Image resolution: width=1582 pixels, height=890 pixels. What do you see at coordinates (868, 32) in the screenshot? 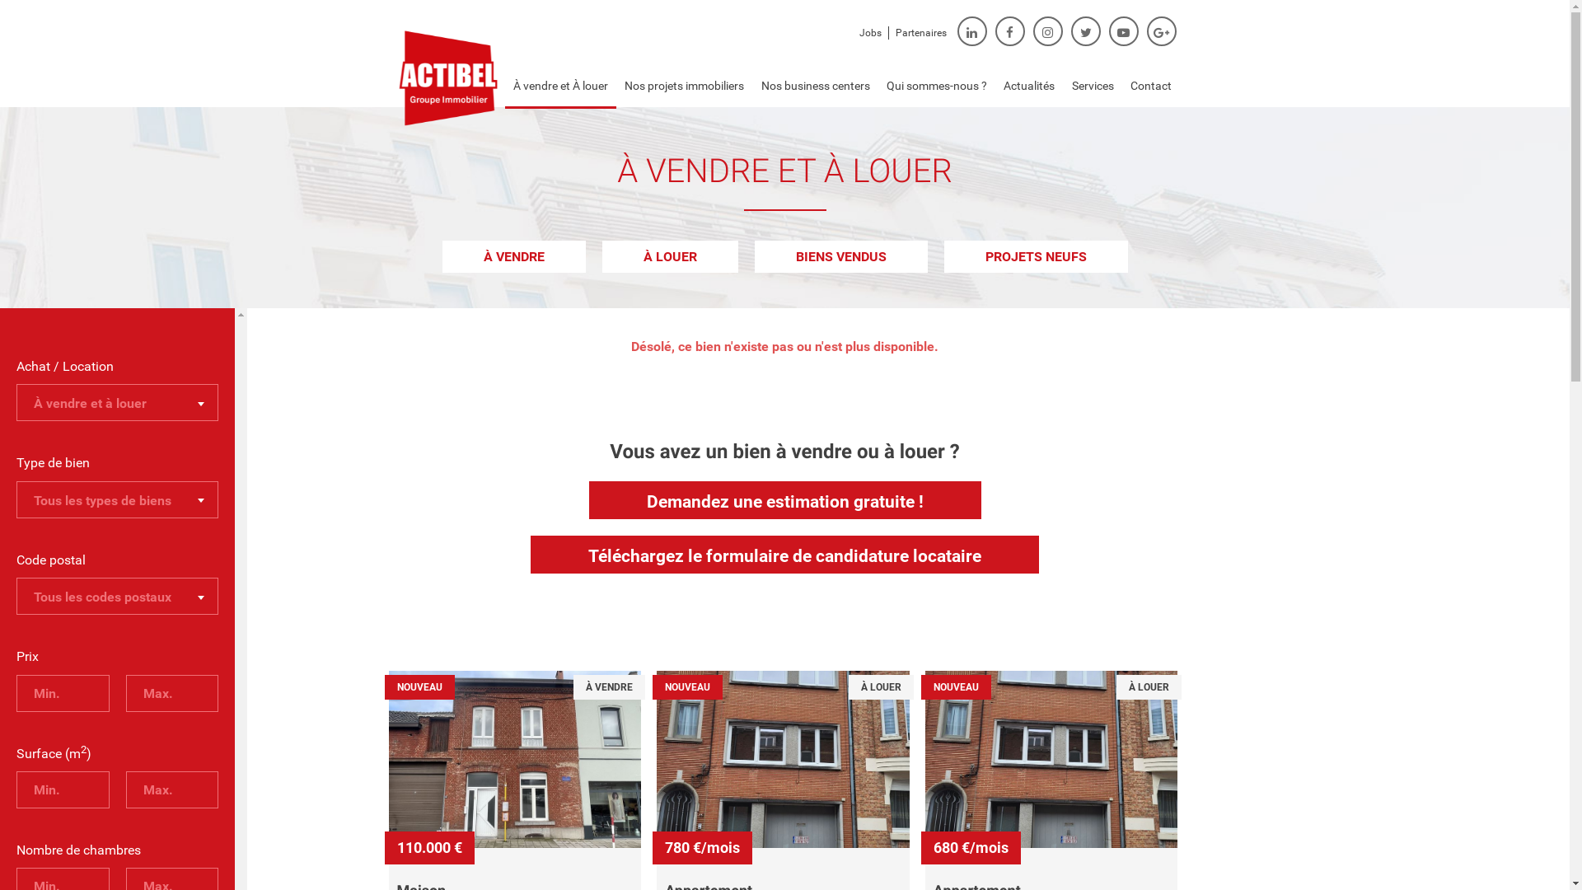
I see `'Jobs'` at bounding box center [868, 32].